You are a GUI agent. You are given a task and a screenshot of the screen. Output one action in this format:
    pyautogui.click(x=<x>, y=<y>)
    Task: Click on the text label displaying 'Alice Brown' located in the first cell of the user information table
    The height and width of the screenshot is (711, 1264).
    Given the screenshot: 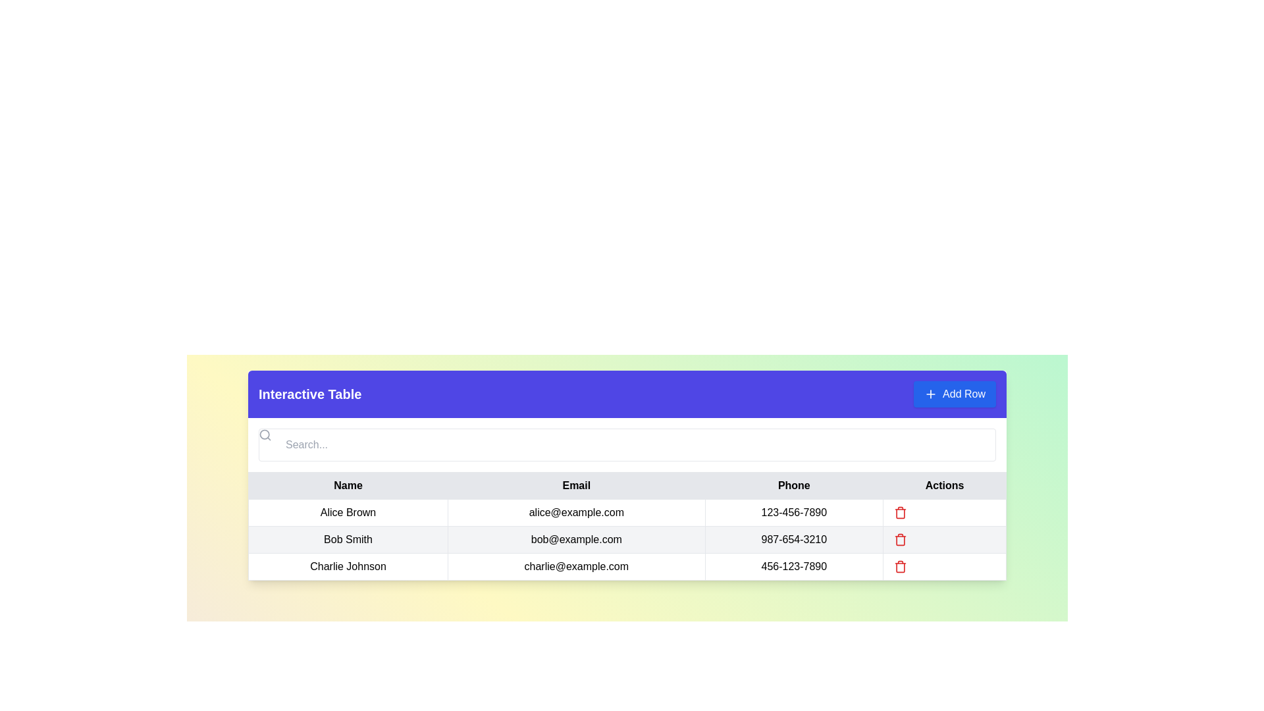 What is the action you would take?
    pyautogui.click(x=348, y=512)
    